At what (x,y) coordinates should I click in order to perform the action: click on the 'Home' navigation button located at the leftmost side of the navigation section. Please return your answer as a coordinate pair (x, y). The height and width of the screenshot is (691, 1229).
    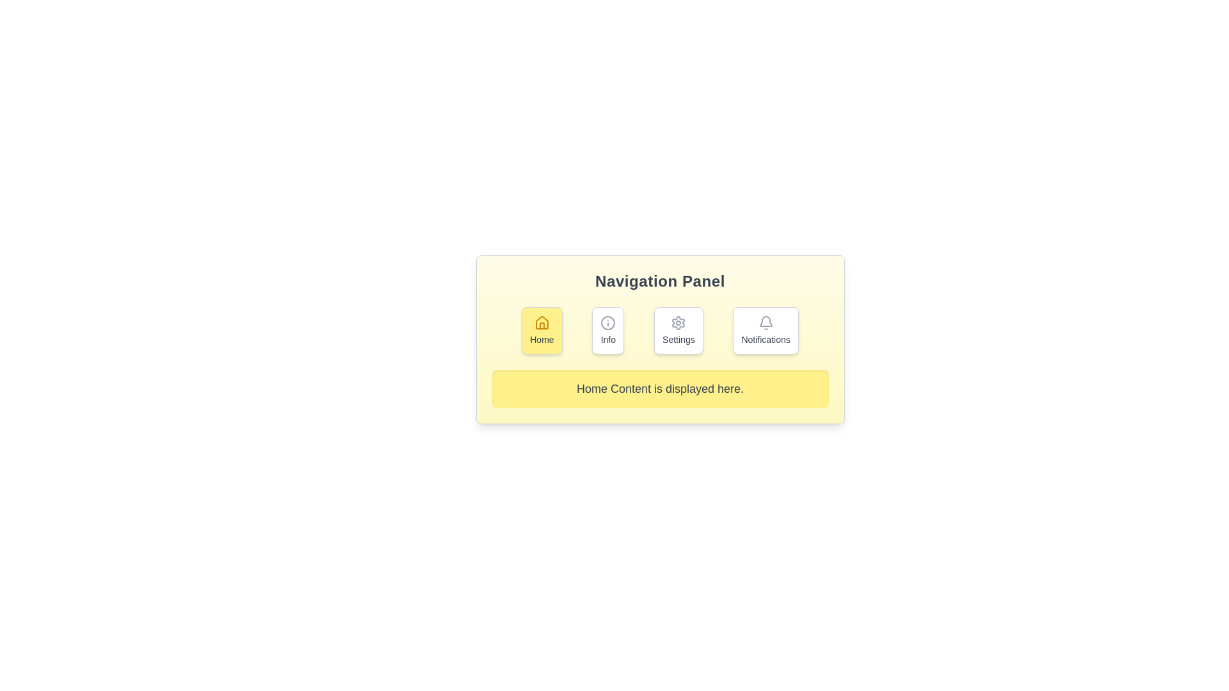
    Looking at the image, I should click on (542, 330).